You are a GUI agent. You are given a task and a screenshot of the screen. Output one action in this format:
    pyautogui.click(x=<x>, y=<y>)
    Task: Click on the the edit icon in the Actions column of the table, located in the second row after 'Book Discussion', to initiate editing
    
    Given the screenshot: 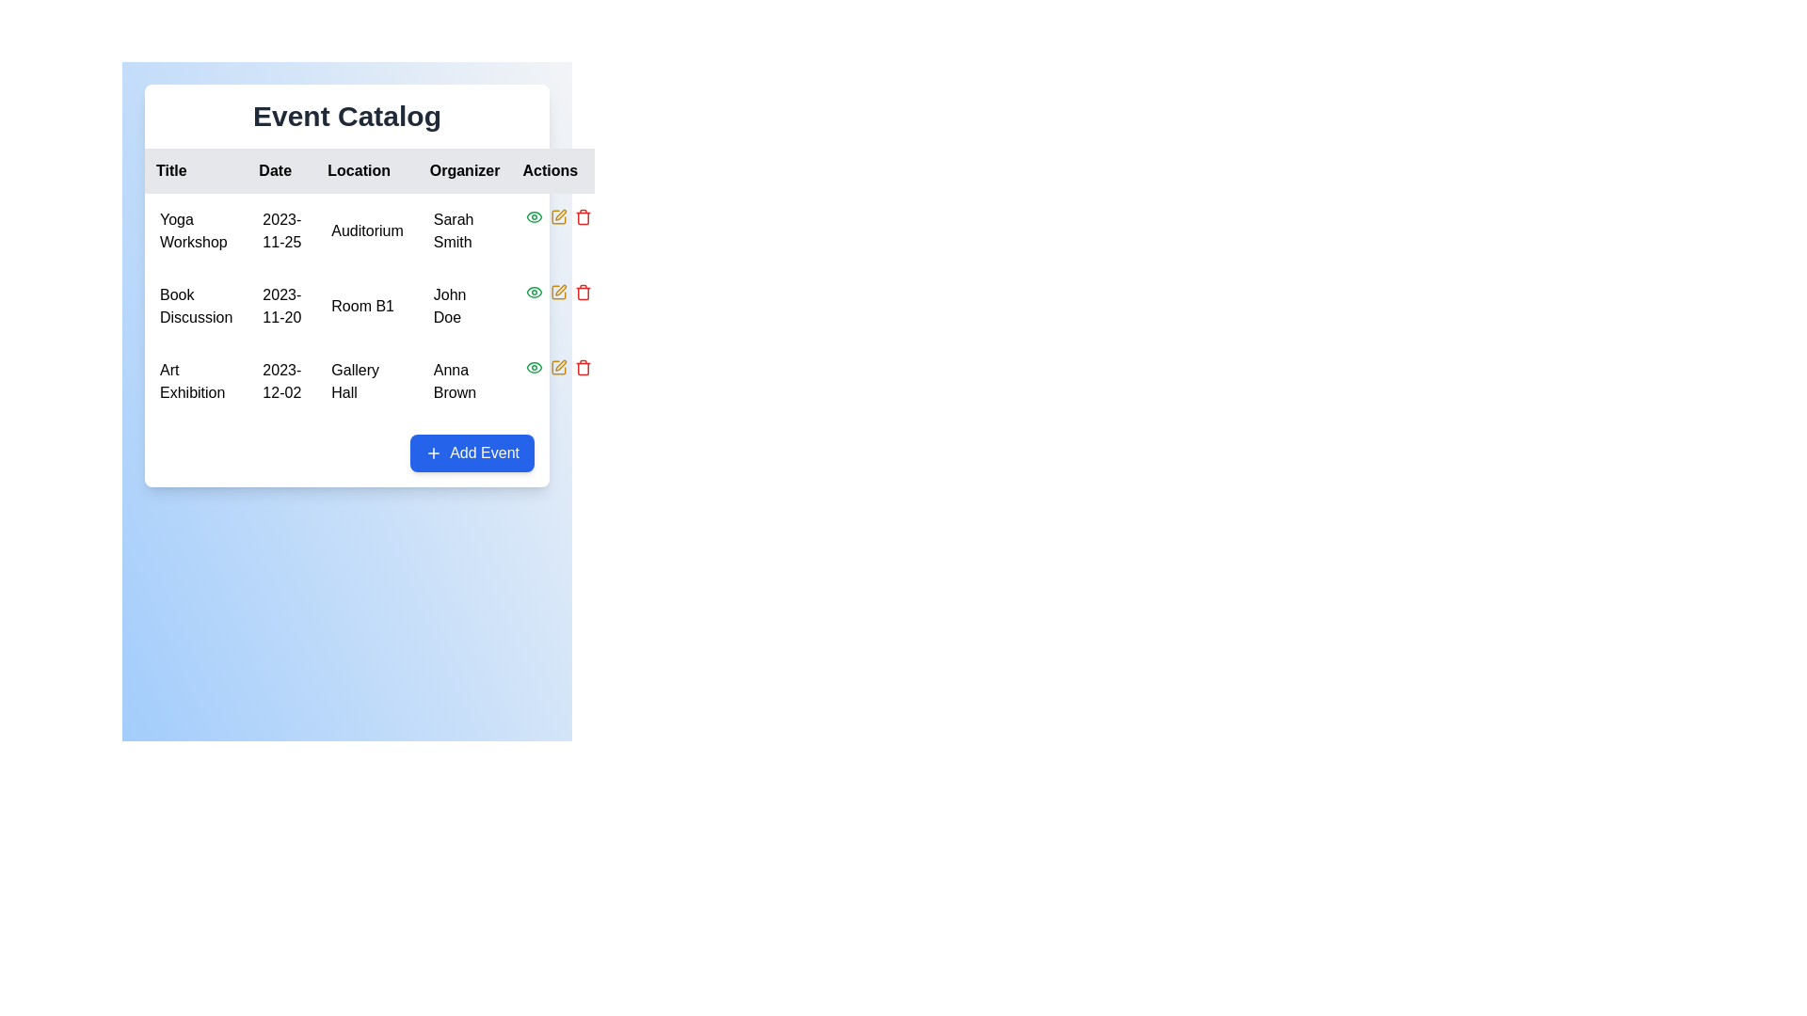 What is the action you would take?
    pyautogui.click(x=560, y=290)
    